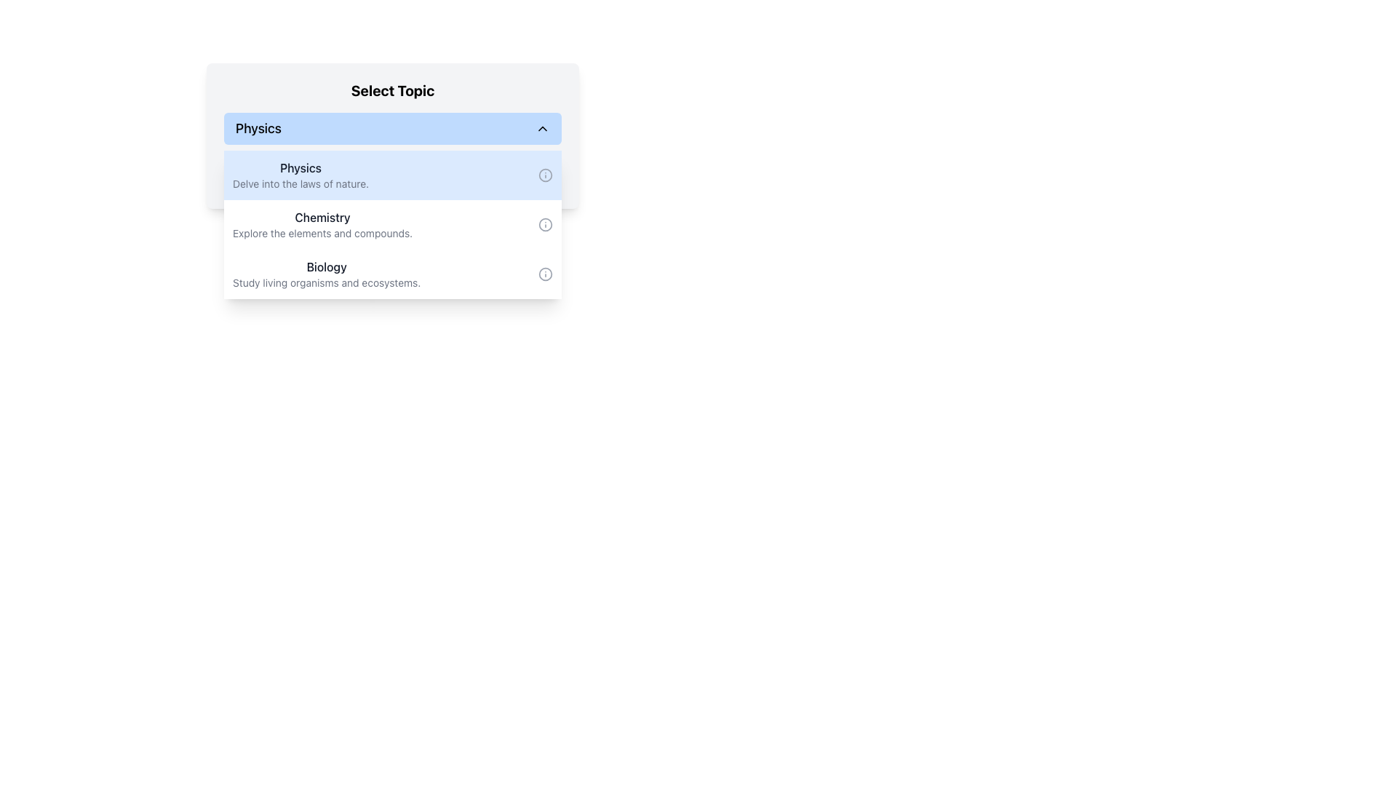 This screenshot has width=1397, height=786. Describe the element at coordinates (300, 167) in the screenshot. I see `the Text Label that serves as the title for the 'Physics' topic within the dropdown menu, located above the descriptive text 'Delve into the laws of nature.'` at that location.